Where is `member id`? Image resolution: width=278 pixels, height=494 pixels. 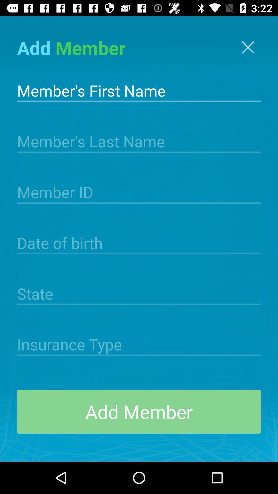
member id is located at coordinates (139, 191).